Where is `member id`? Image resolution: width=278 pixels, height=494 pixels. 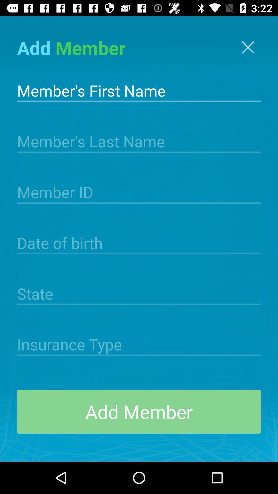
member id is located at coordinates (139, 191).